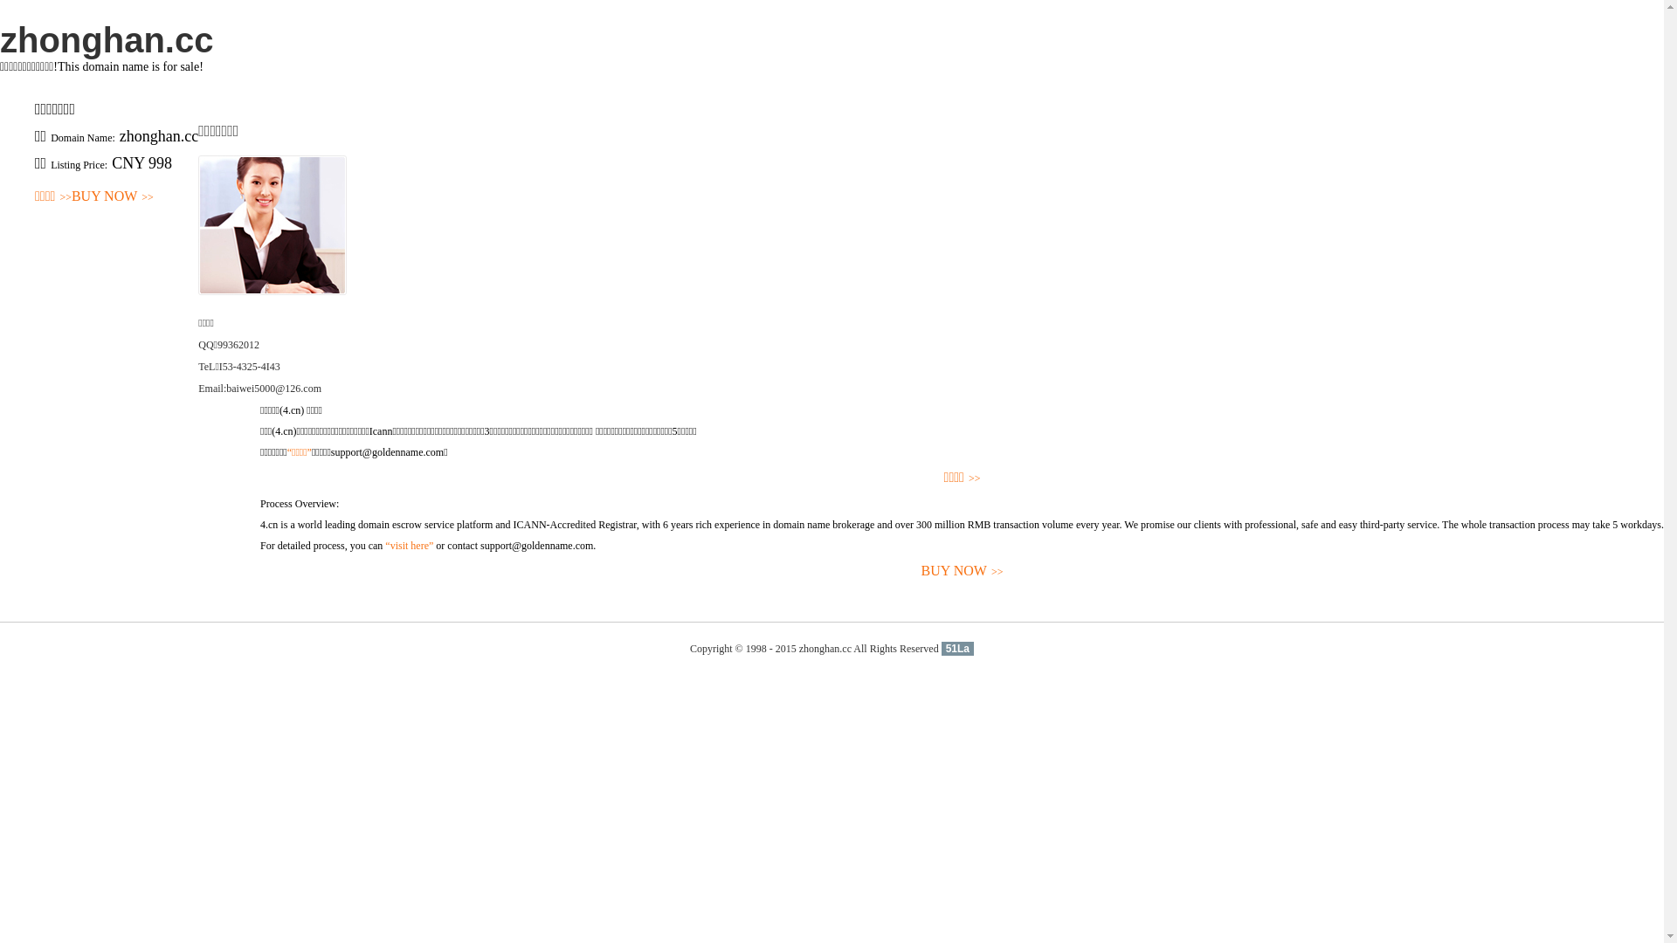 The height and width of the screenshot is (943, 1677). I want to click on 'BUY NOW>>', so click(70, 196).